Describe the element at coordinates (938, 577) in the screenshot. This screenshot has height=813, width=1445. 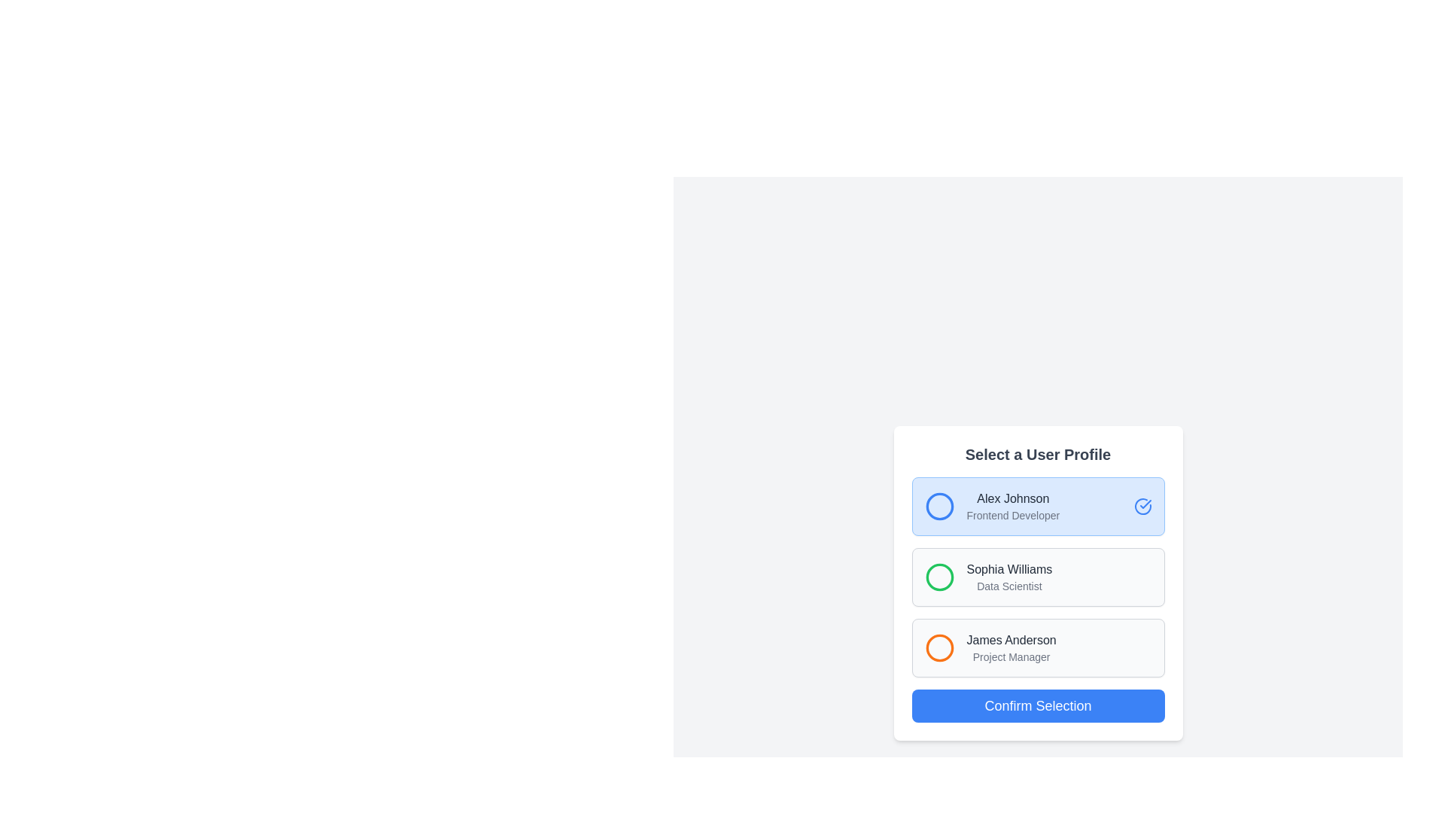
I see `the Circle indicator icon associated with the user profile 'Sophia Williams, Data Scientist', which is positioned to the left of the profile text in the 'Select a User Profile' interface` at that location.